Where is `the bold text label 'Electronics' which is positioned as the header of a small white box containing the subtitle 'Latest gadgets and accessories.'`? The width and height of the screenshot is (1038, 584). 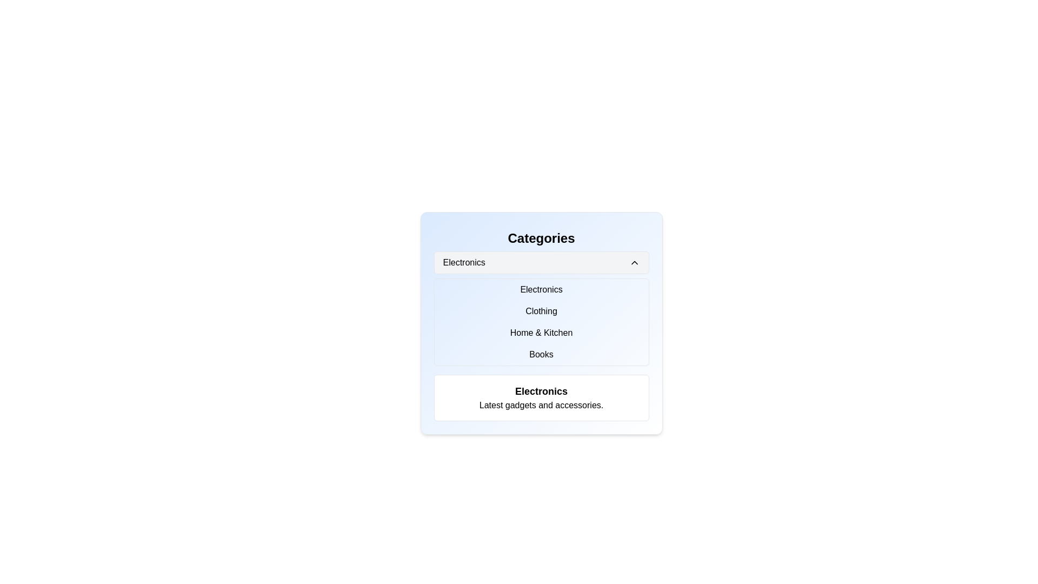 the bold text label 'Electronics' which is positioned as the header of a small white box containing the subtitle 'Latest gadgets and accessories.' is located at coordinates (541, 391).